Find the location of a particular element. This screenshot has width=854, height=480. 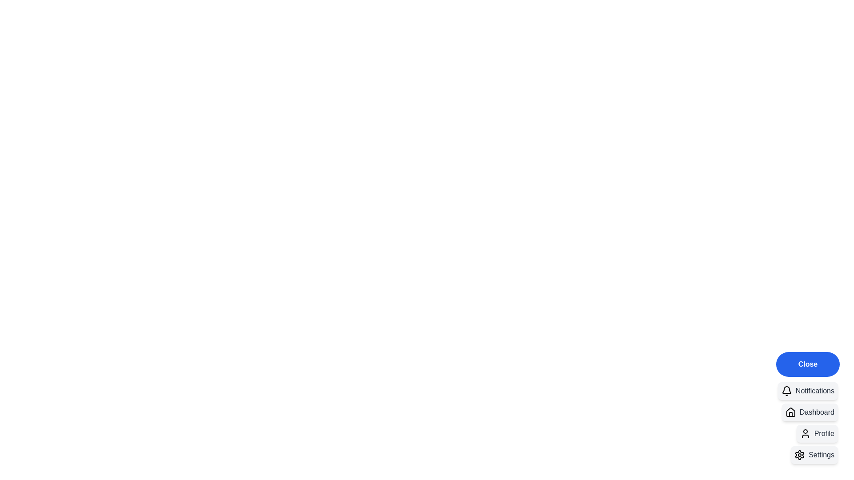

the 'Settings' button is located at coordinates (814, 455).